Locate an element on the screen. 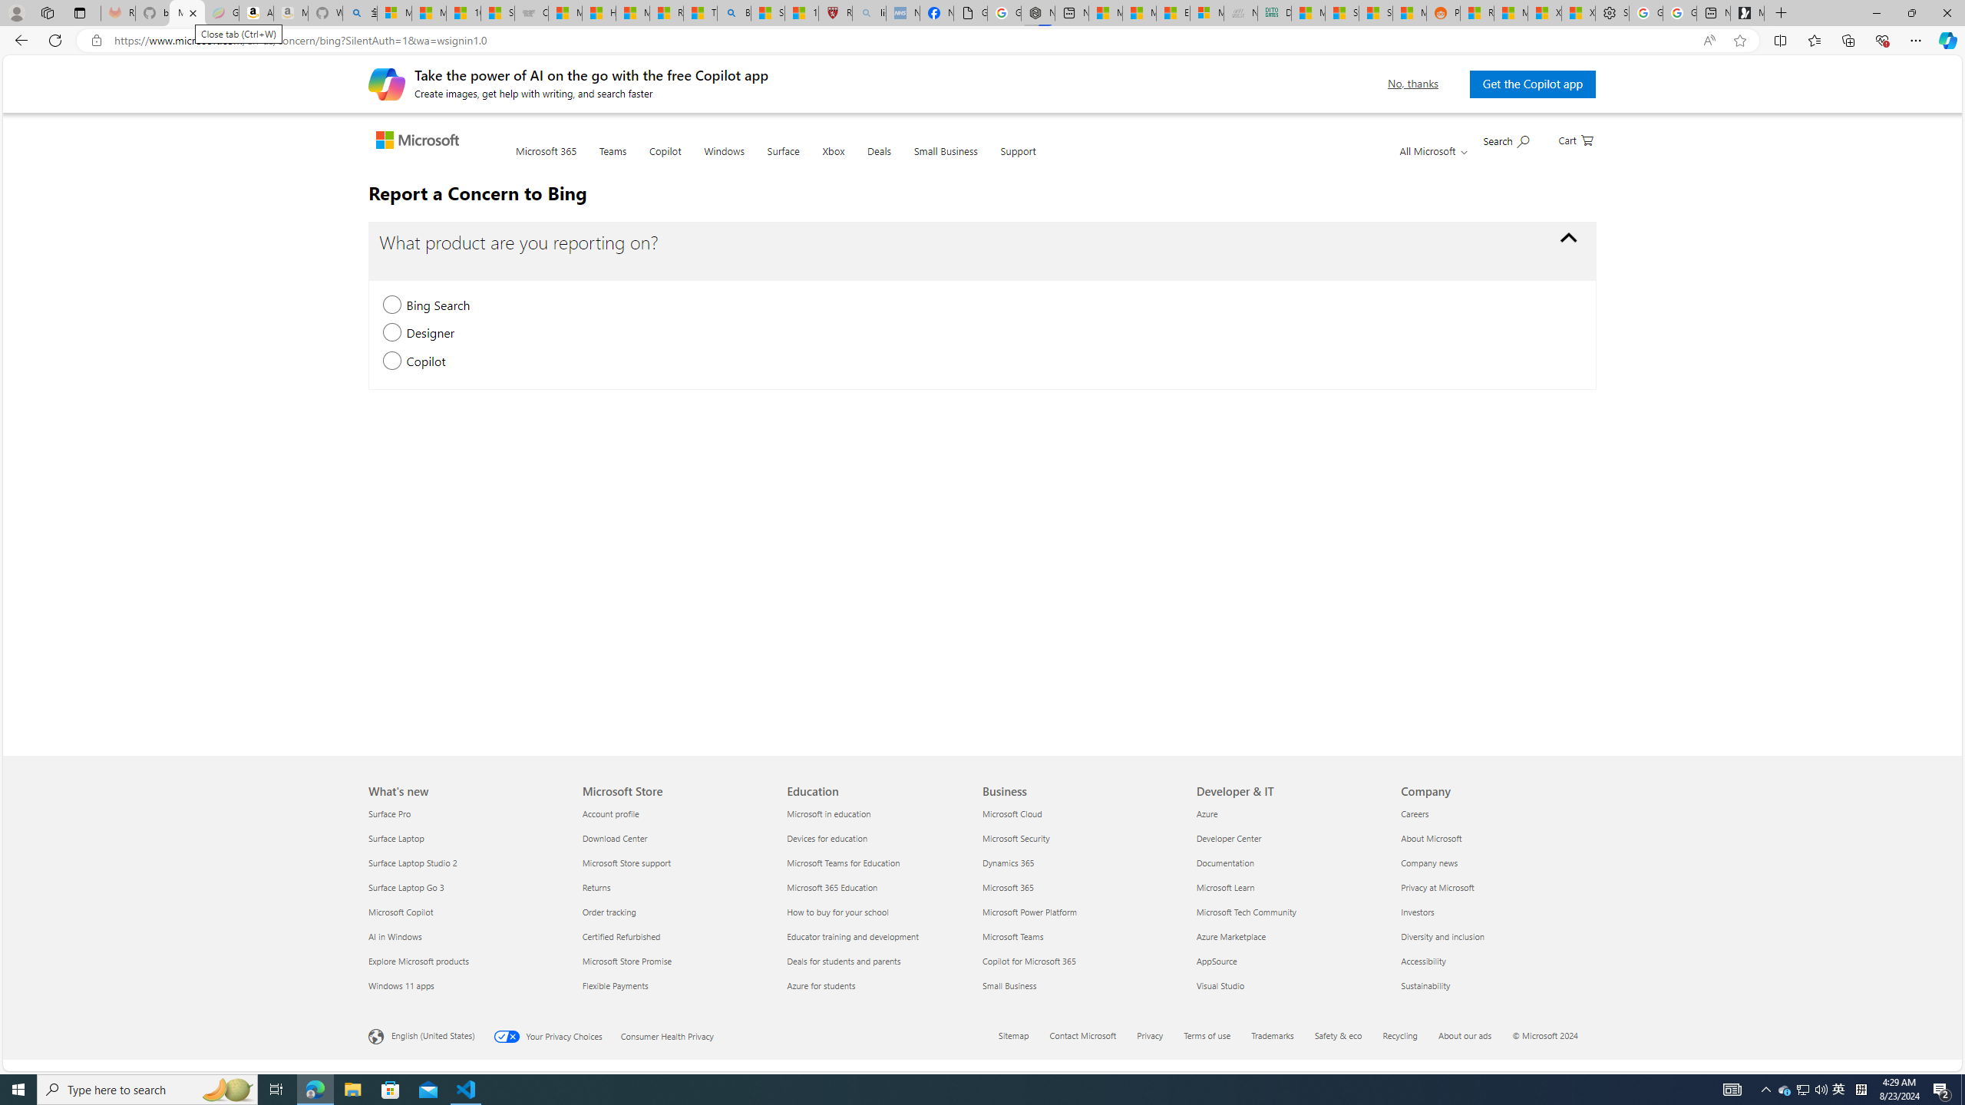  'About our ads' is located at coordinates (1464, 1034).